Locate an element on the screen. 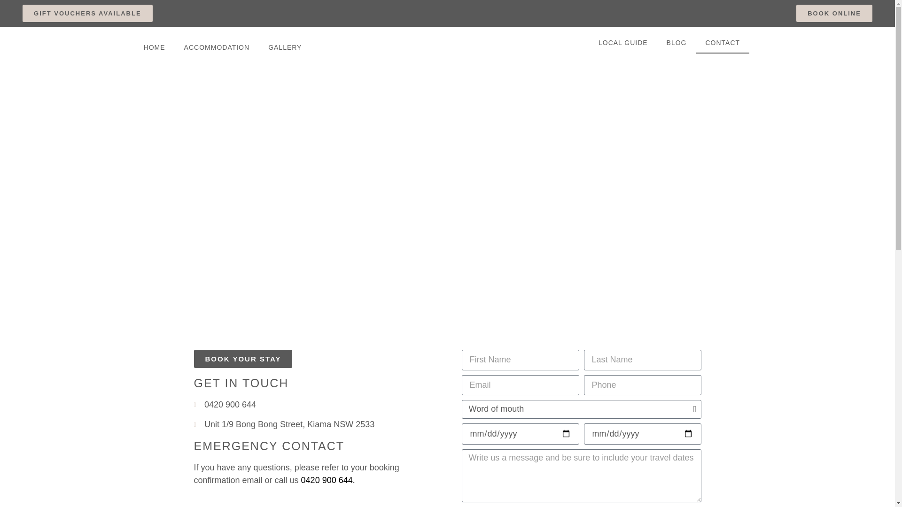  'ACCOMMODATION' is located at coordinates (216, 47).